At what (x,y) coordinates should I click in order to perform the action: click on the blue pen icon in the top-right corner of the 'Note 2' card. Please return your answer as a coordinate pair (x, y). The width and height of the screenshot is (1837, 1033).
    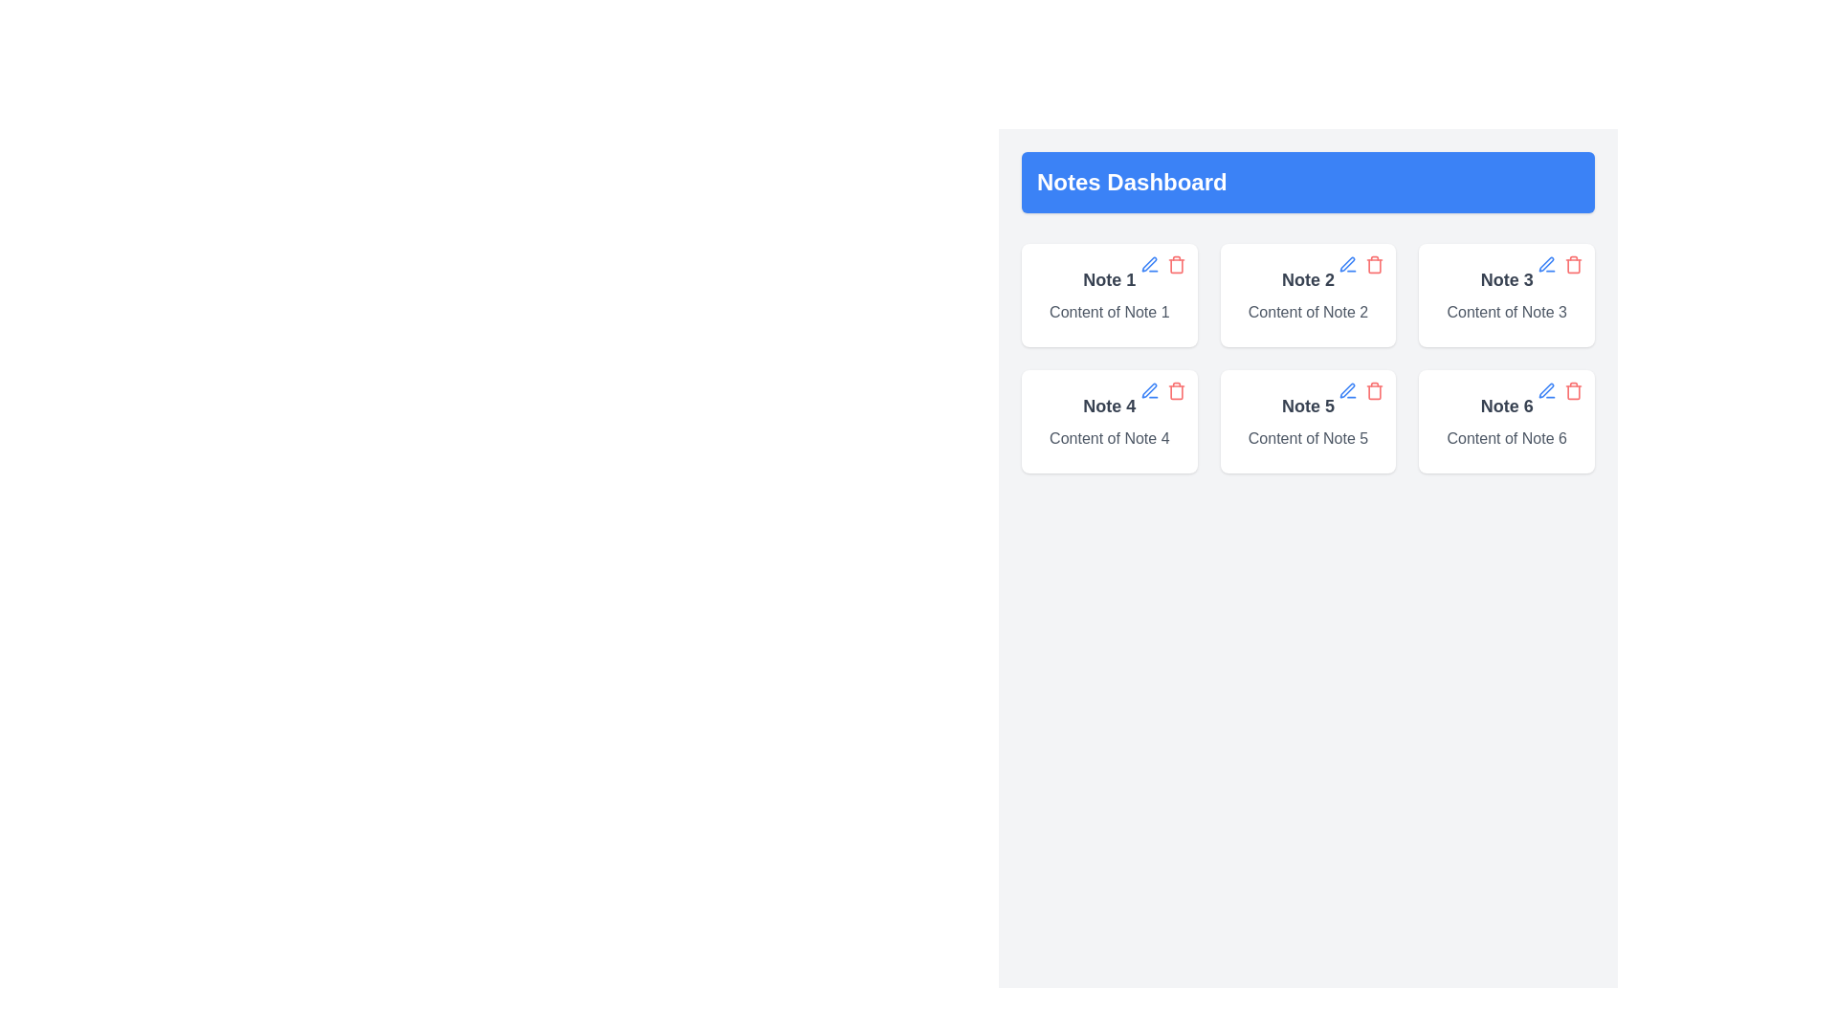
    Looking at the image, I should click on (1347, 265).